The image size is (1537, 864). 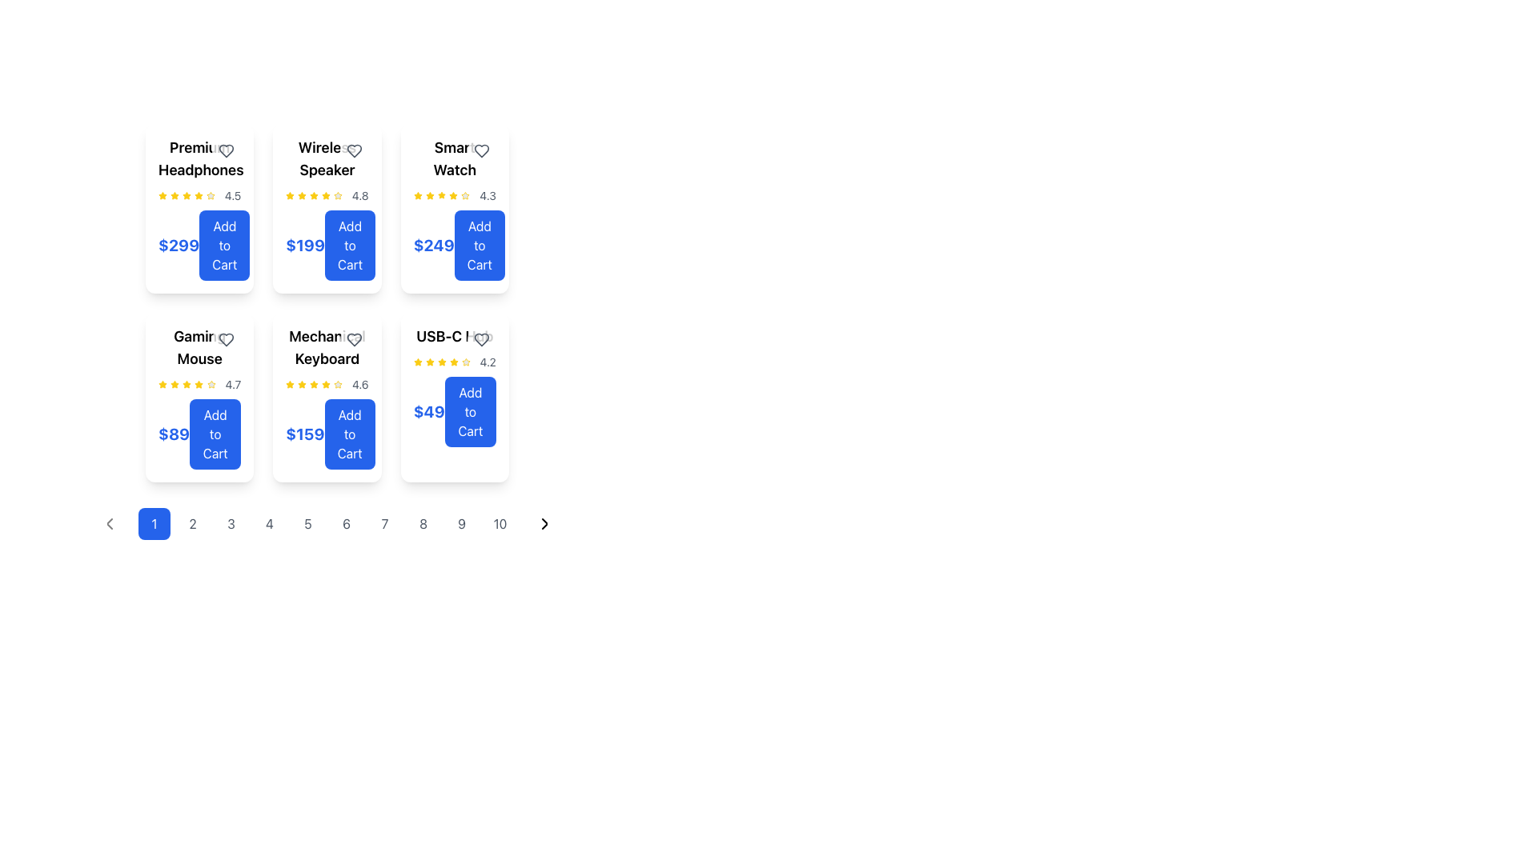 I want to click on the first star icon in the five-star rating system for the 'Smart Watch' product, which visually denotes a rating of 4.3, so click(x=418, y=195).